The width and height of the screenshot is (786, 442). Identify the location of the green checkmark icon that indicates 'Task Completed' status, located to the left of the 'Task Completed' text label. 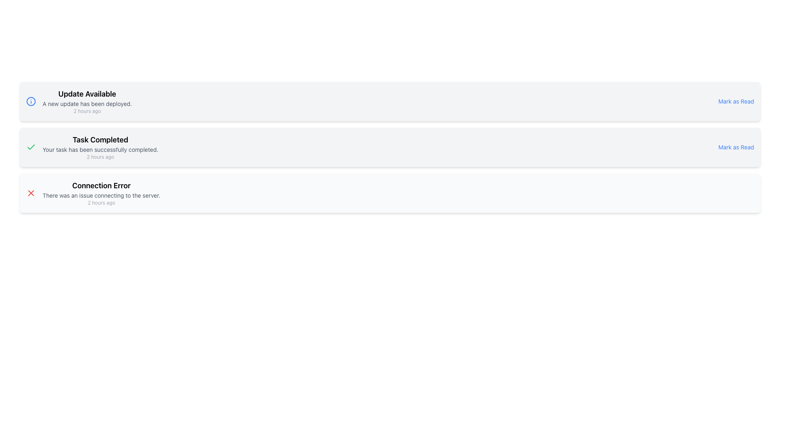
(31, 147).